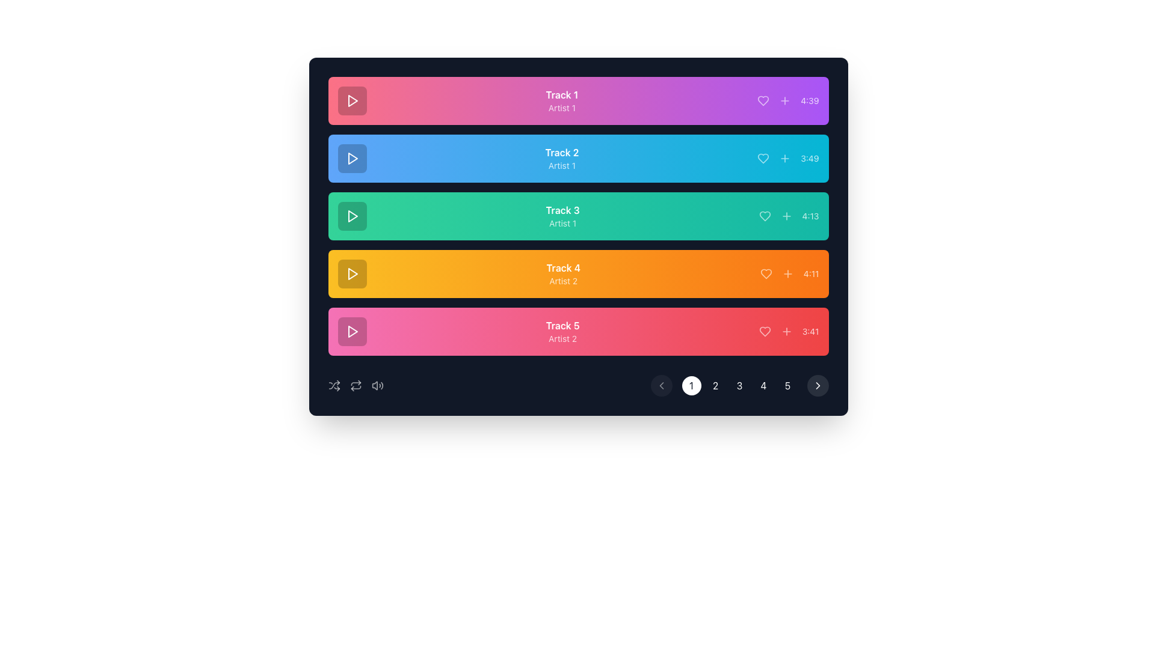 The width and height of the screenshot is (1155, 649). What do you see at coordinates (739, 385) in the screenshot?
I see `the active circular button numbered 3, located in the bottom center of the interface within the navigation panel` at bounding box center [739, 385].